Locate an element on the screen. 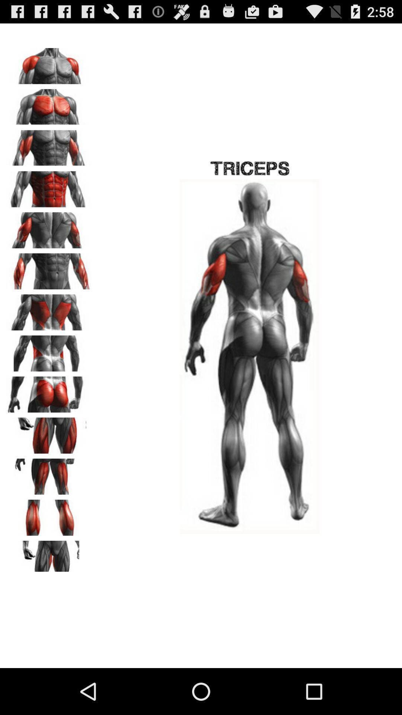 Image resolution: width=402 pixels, height=715 pixels. change image is located at coordinates (49, 104).